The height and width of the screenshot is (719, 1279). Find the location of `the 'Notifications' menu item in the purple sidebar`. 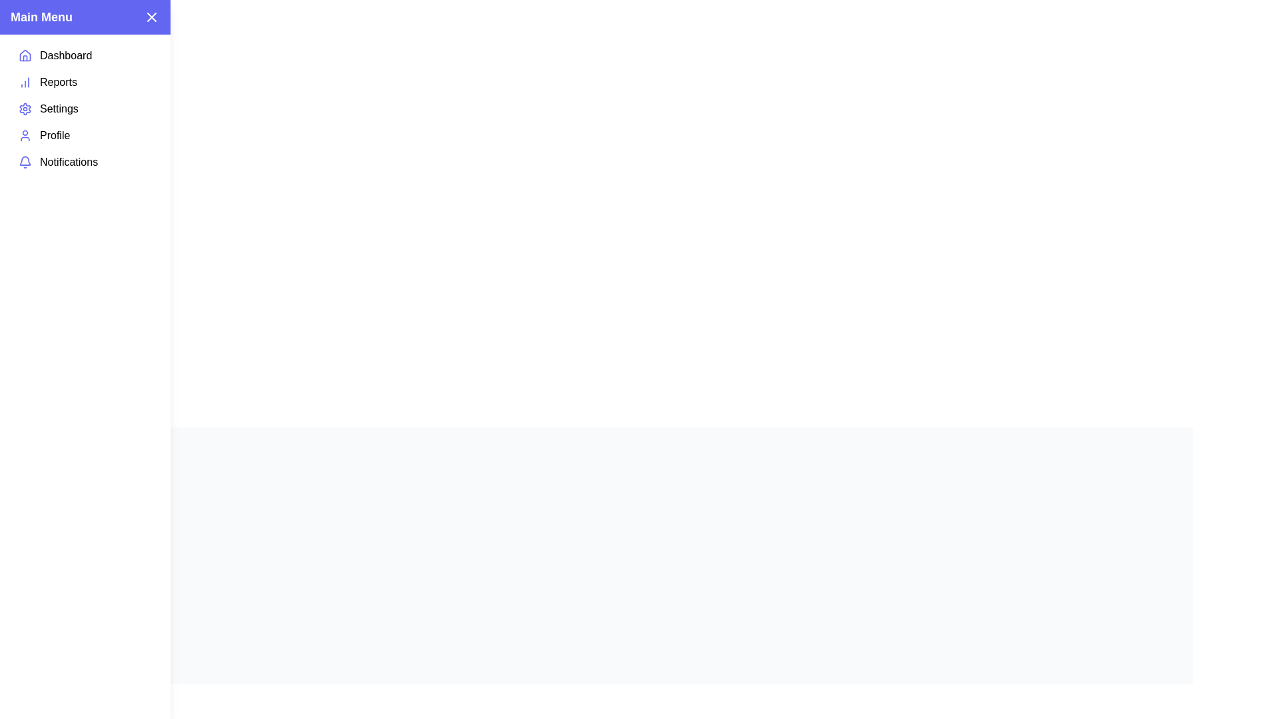

the 'Notifications' menu item in the purple sidebar is located at coordinates (85, 161).